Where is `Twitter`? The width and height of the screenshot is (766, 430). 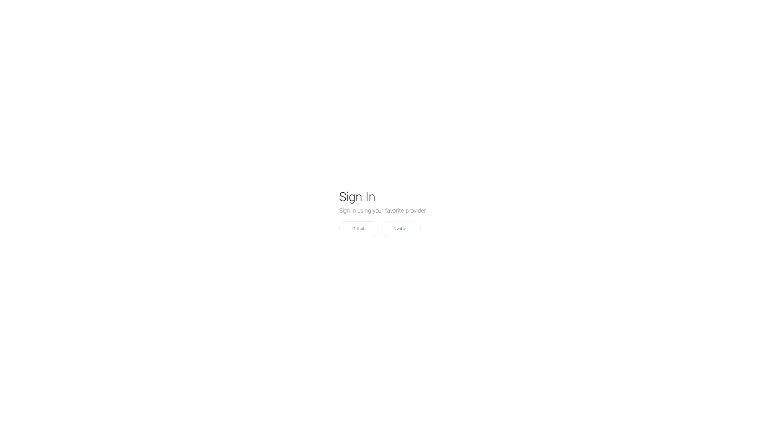 Twitter is located at coordinates (400, 229).